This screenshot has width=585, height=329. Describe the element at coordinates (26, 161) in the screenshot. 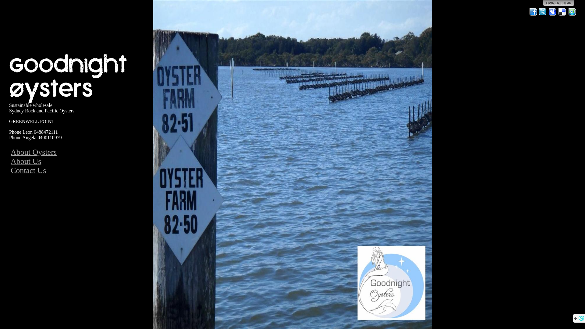

I see `'About Us'` at that location.